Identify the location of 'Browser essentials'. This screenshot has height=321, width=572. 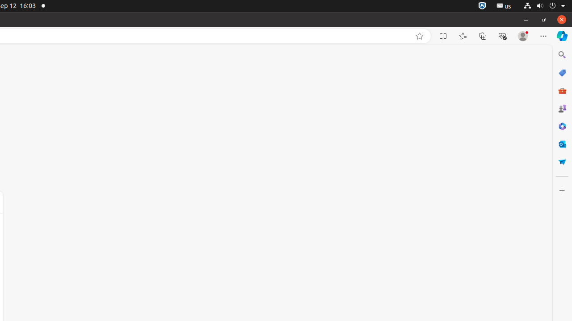
(502, 36).